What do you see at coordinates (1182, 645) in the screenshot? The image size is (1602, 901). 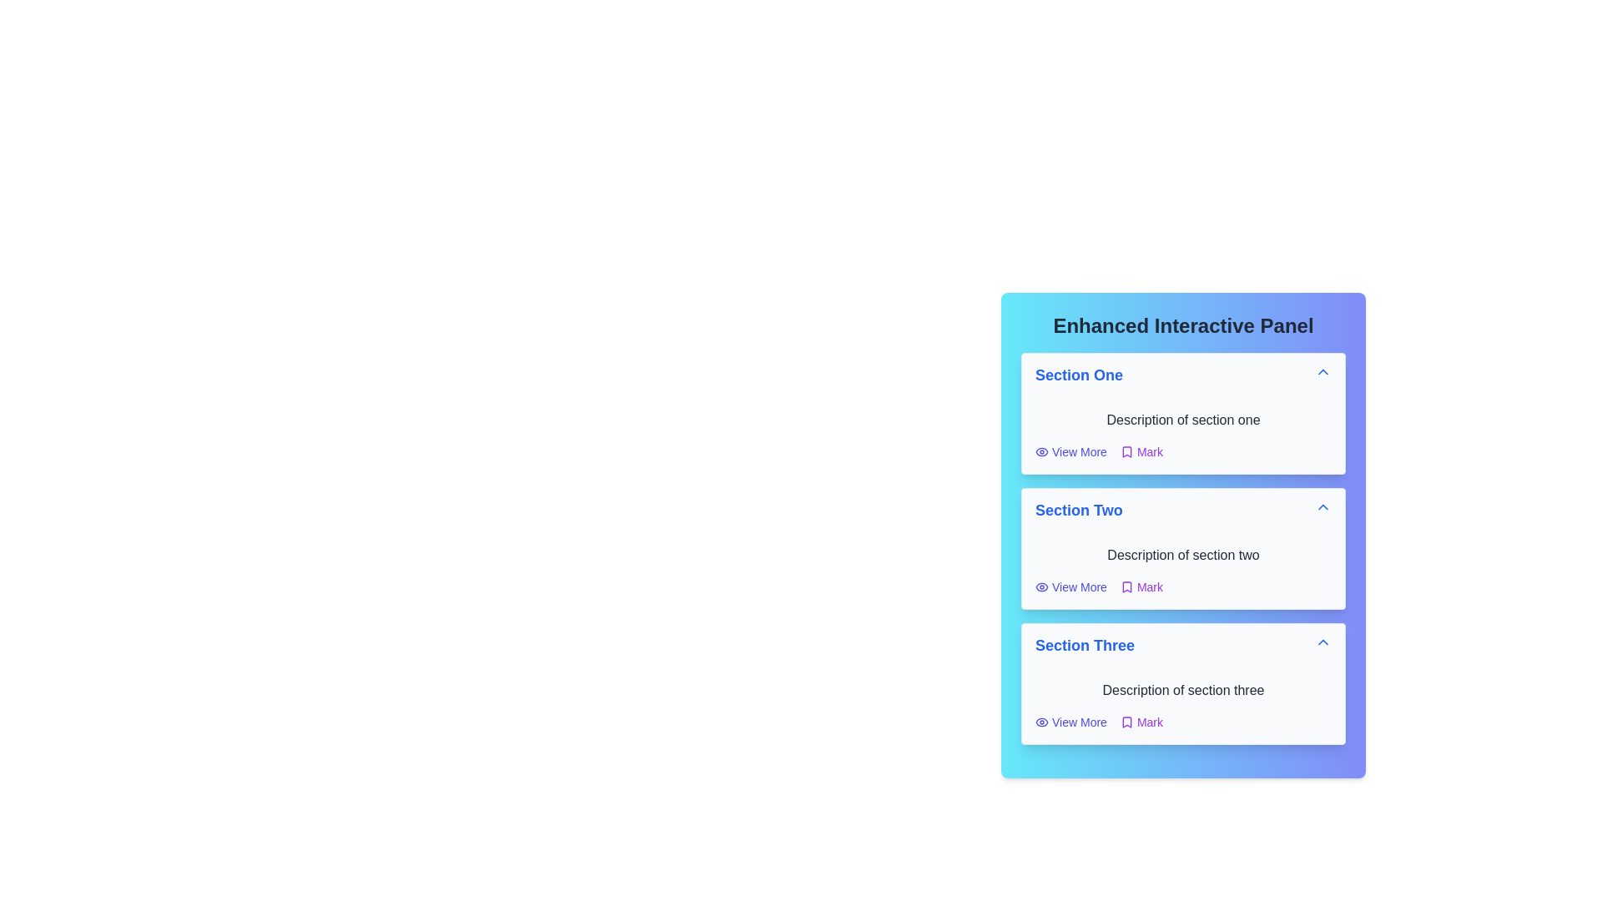 I see `the 'Section Three' button` at bounding box center [1182, 645].